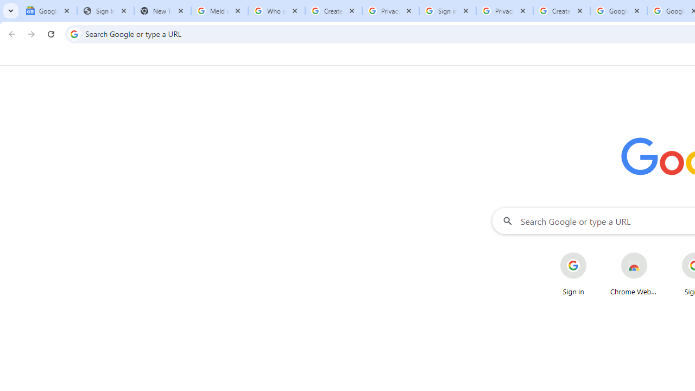  I want to click on 'New Tab', so click(162, 11).